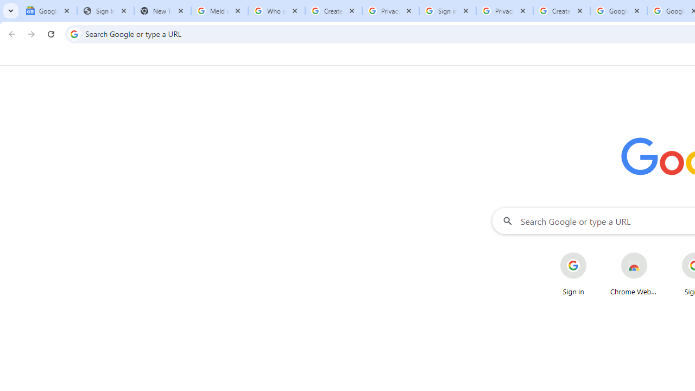  I want to click on 'New Tab', so click(162, 11).